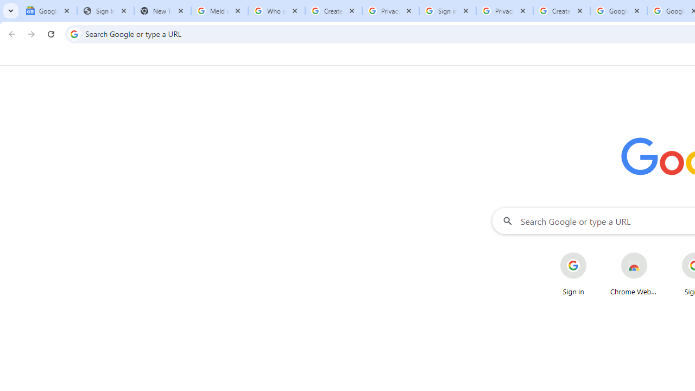  I want to click on 'New Tab', so click(162, 11).